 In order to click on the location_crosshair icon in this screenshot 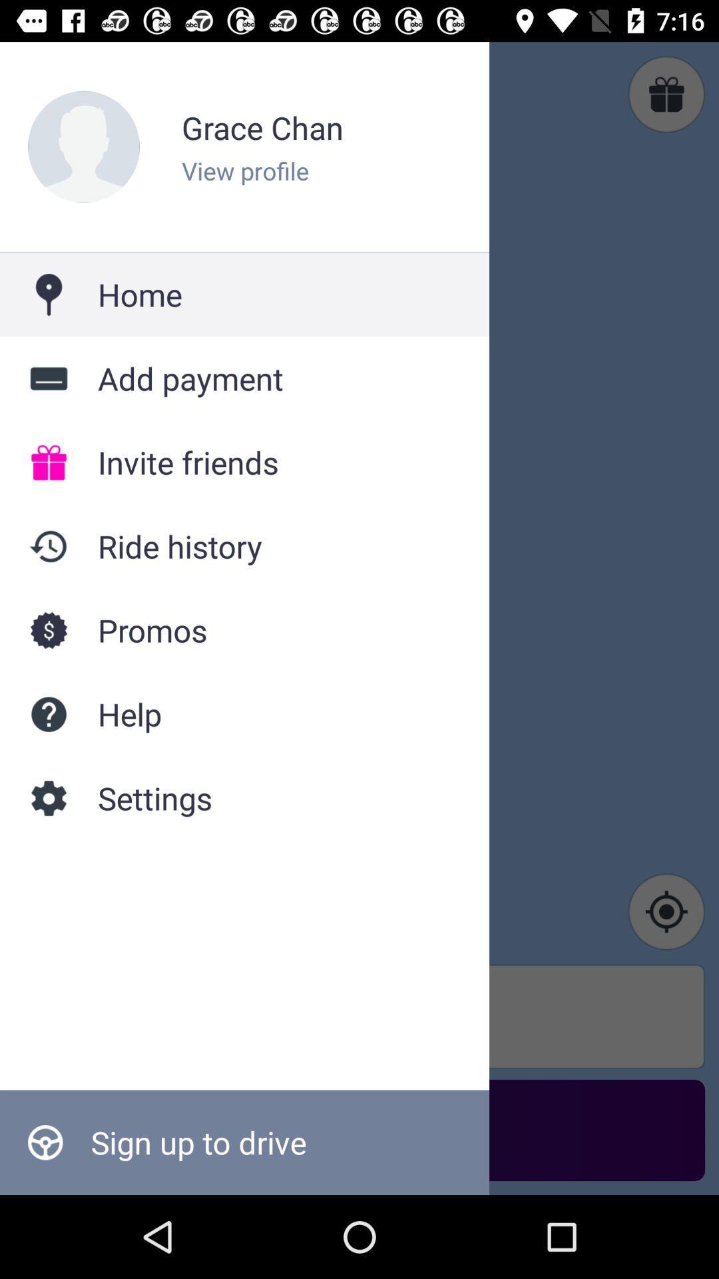, I will do `click(666, 911)`.